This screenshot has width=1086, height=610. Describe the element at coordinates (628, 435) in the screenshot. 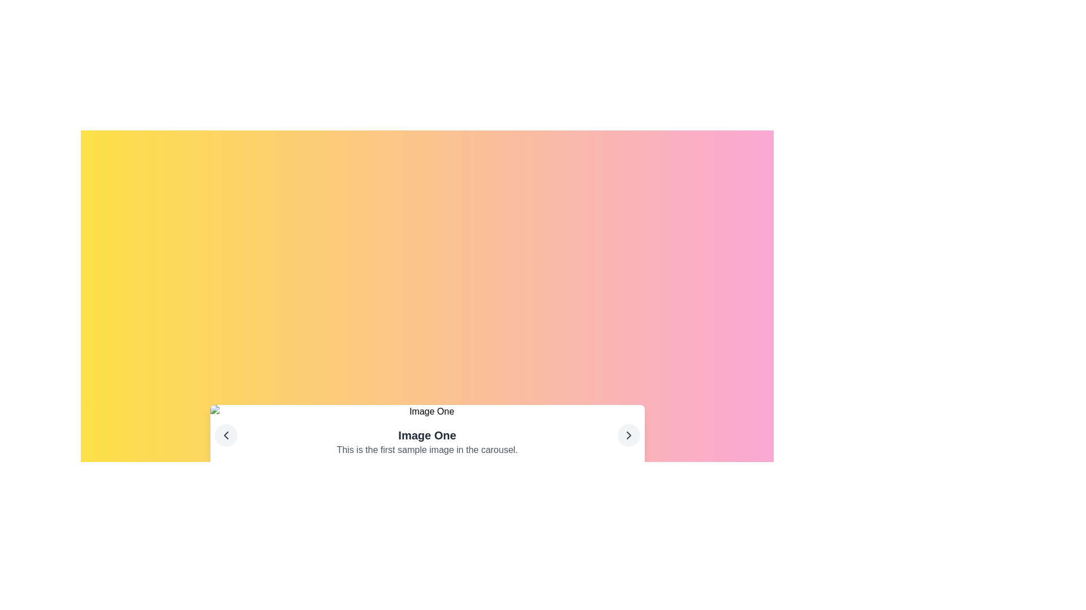

I see `the rightward-pointing chevron icon located in the navigation area on the right side of the carousel` at that location.